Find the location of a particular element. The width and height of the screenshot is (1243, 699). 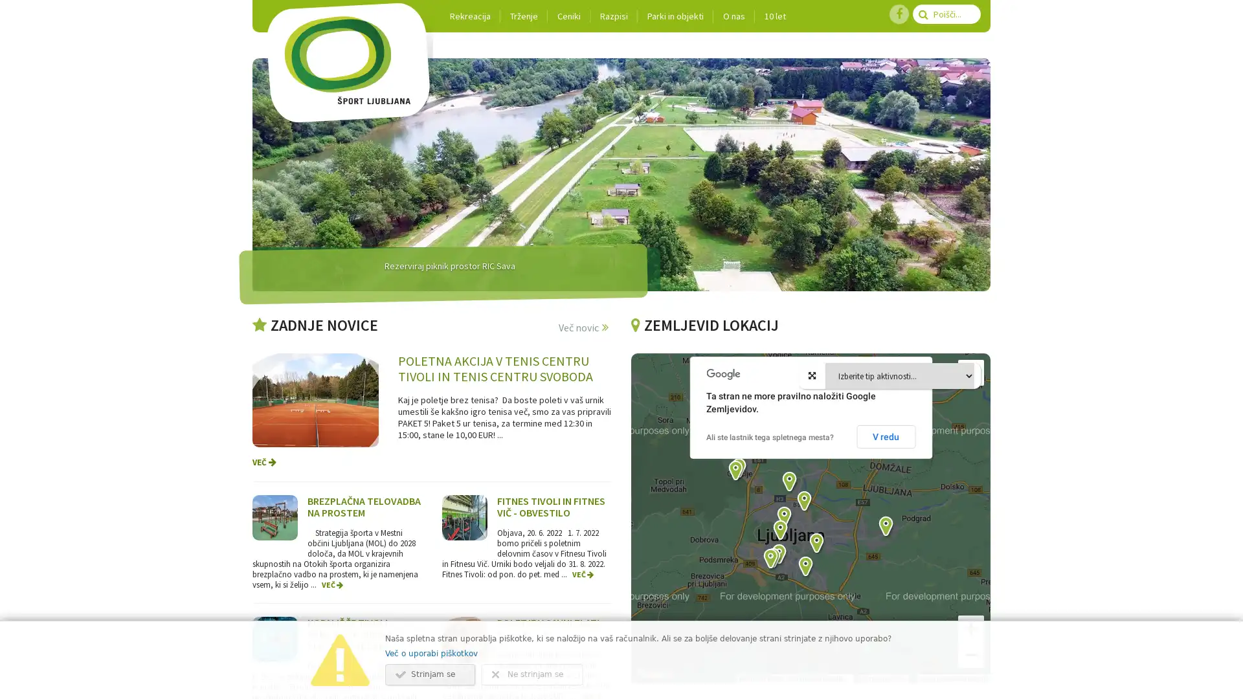

Kako do nas? is located at coordinates (776, 575).